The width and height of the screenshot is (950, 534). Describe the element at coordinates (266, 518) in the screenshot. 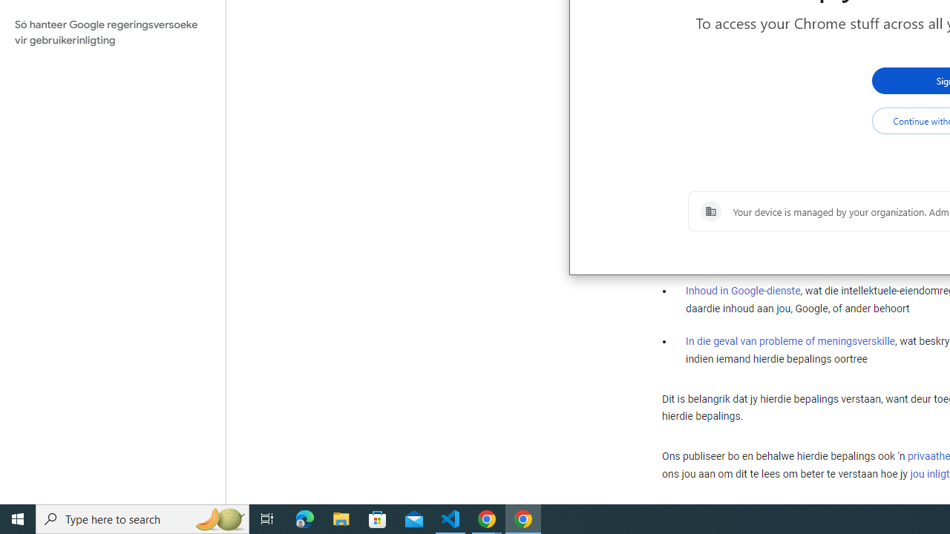

I see `'Task View'` at that location.